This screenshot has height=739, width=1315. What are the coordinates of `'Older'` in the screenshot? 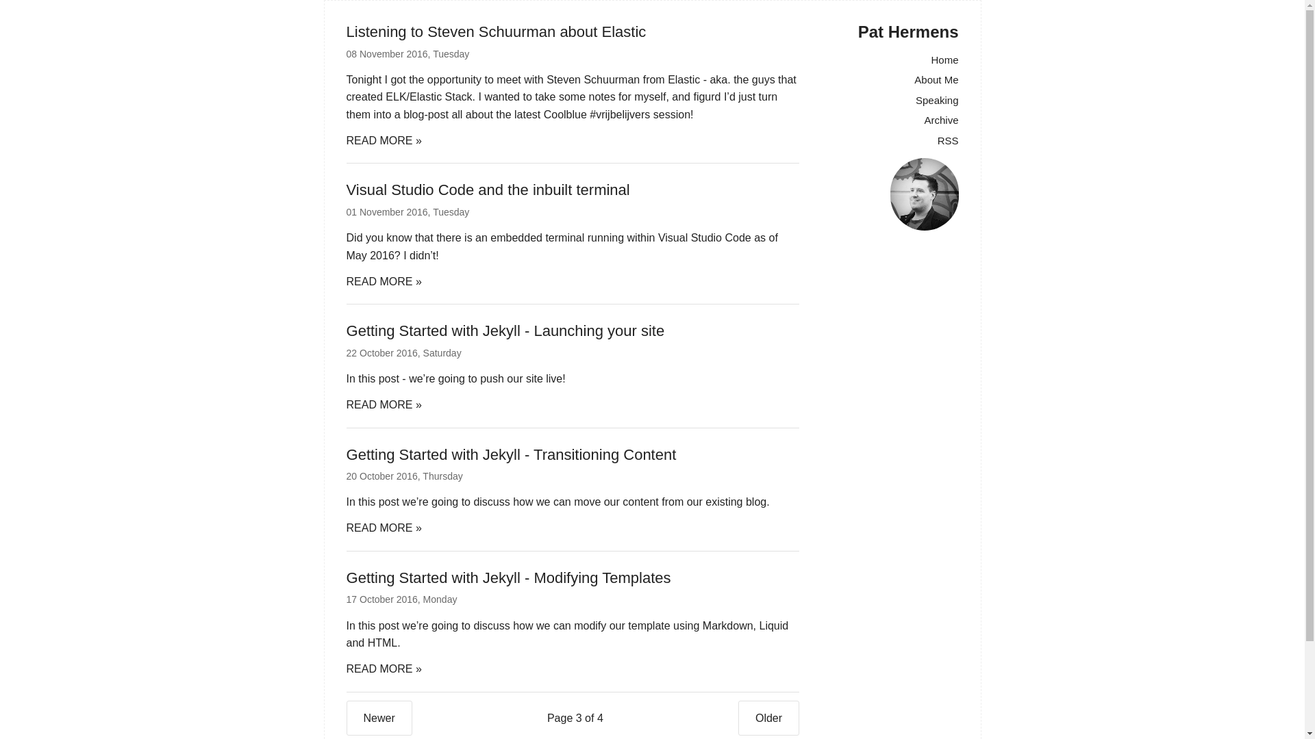 It's located at (768, 717).